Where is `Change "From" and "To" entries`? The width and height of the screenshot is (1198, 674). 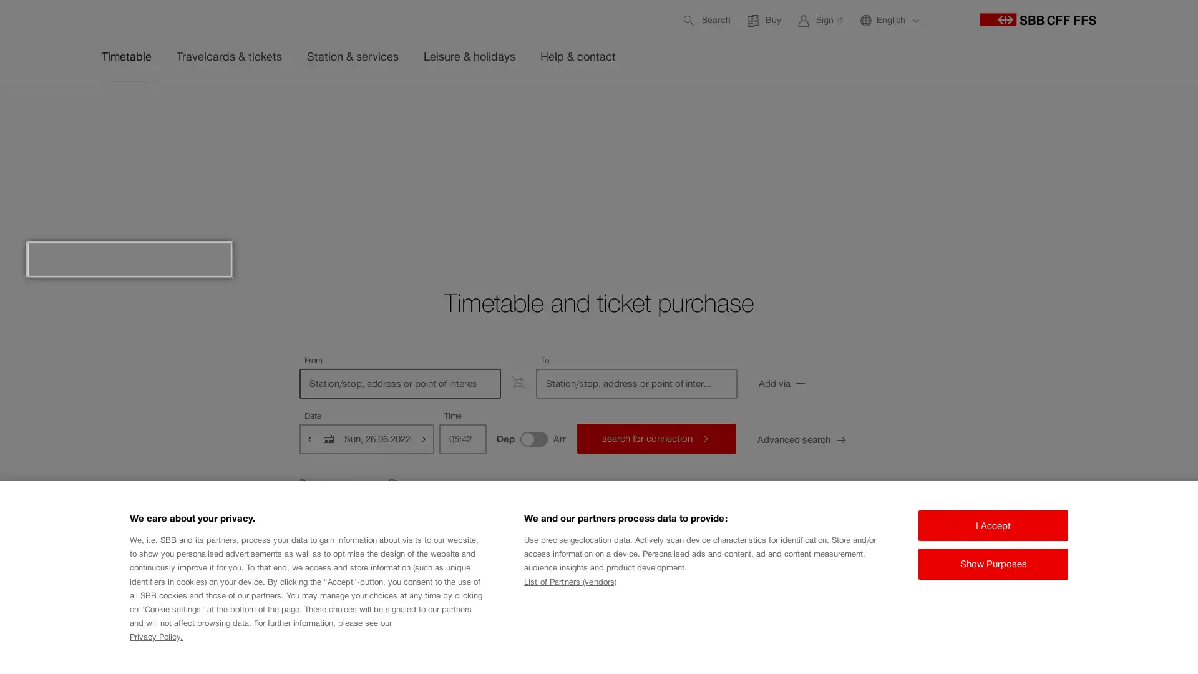 Change "From" and "To" entries is located at coordinates (518, 382).